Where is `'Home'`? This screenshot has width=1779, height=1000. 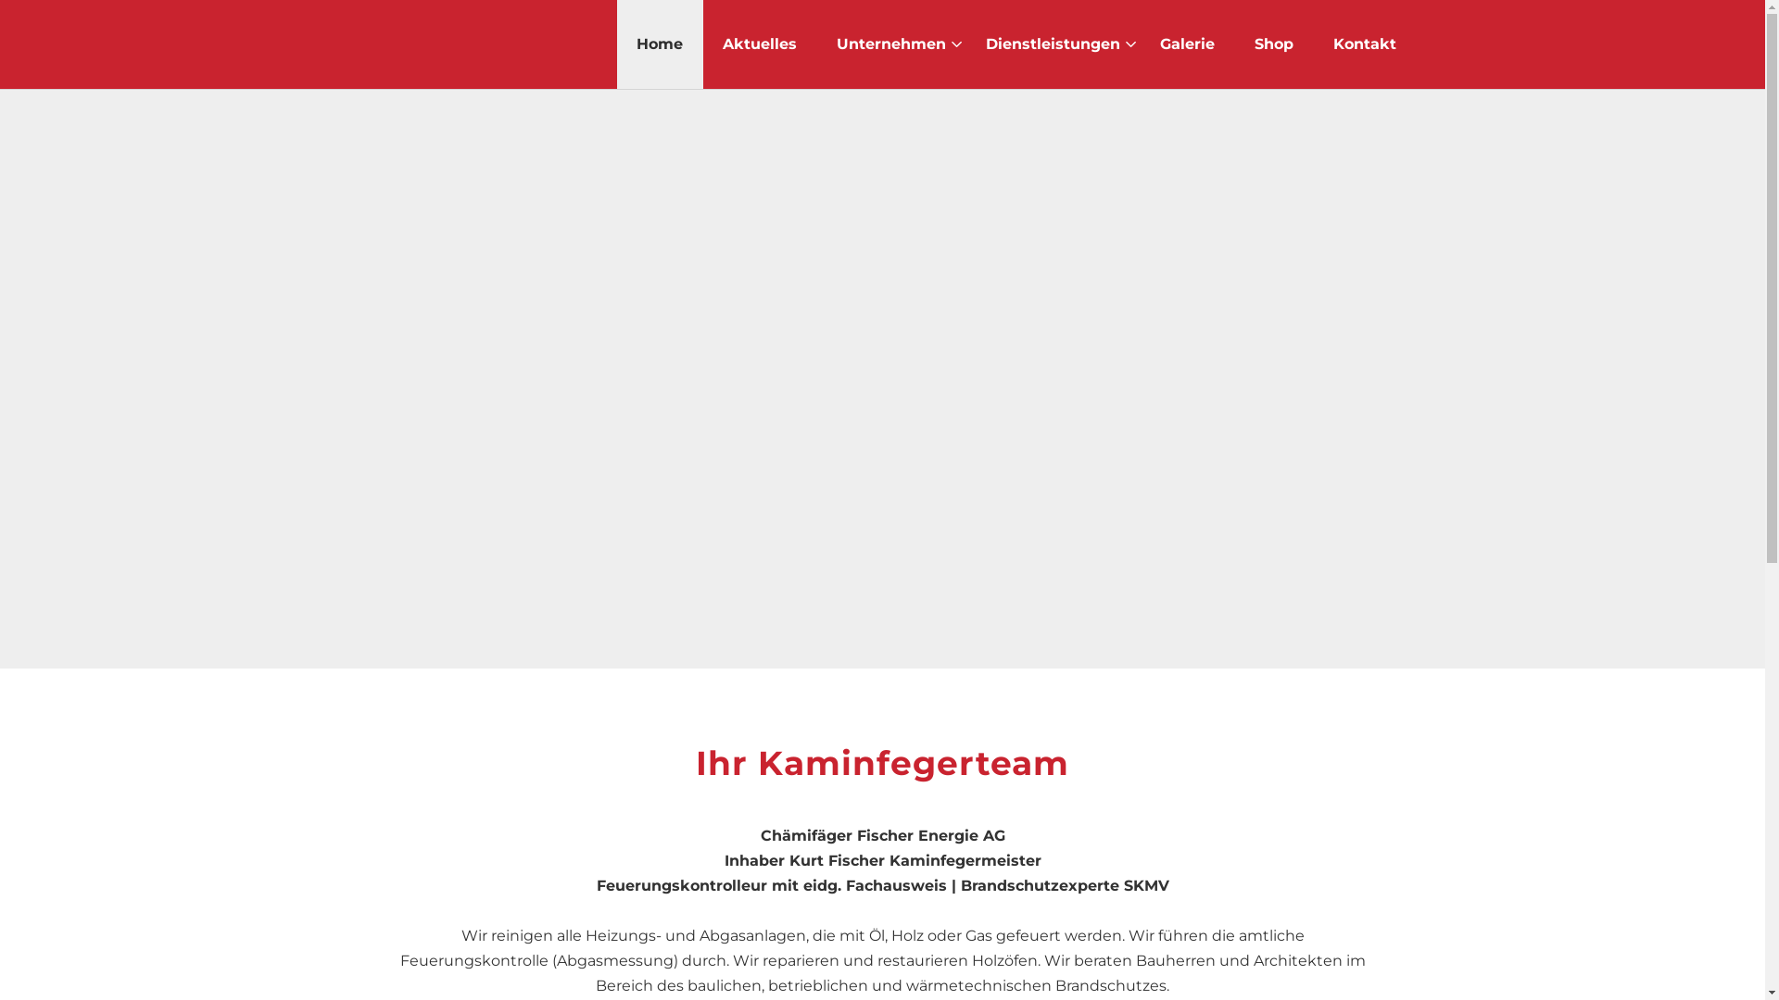 'Home' is located at coordinates (658, 43).